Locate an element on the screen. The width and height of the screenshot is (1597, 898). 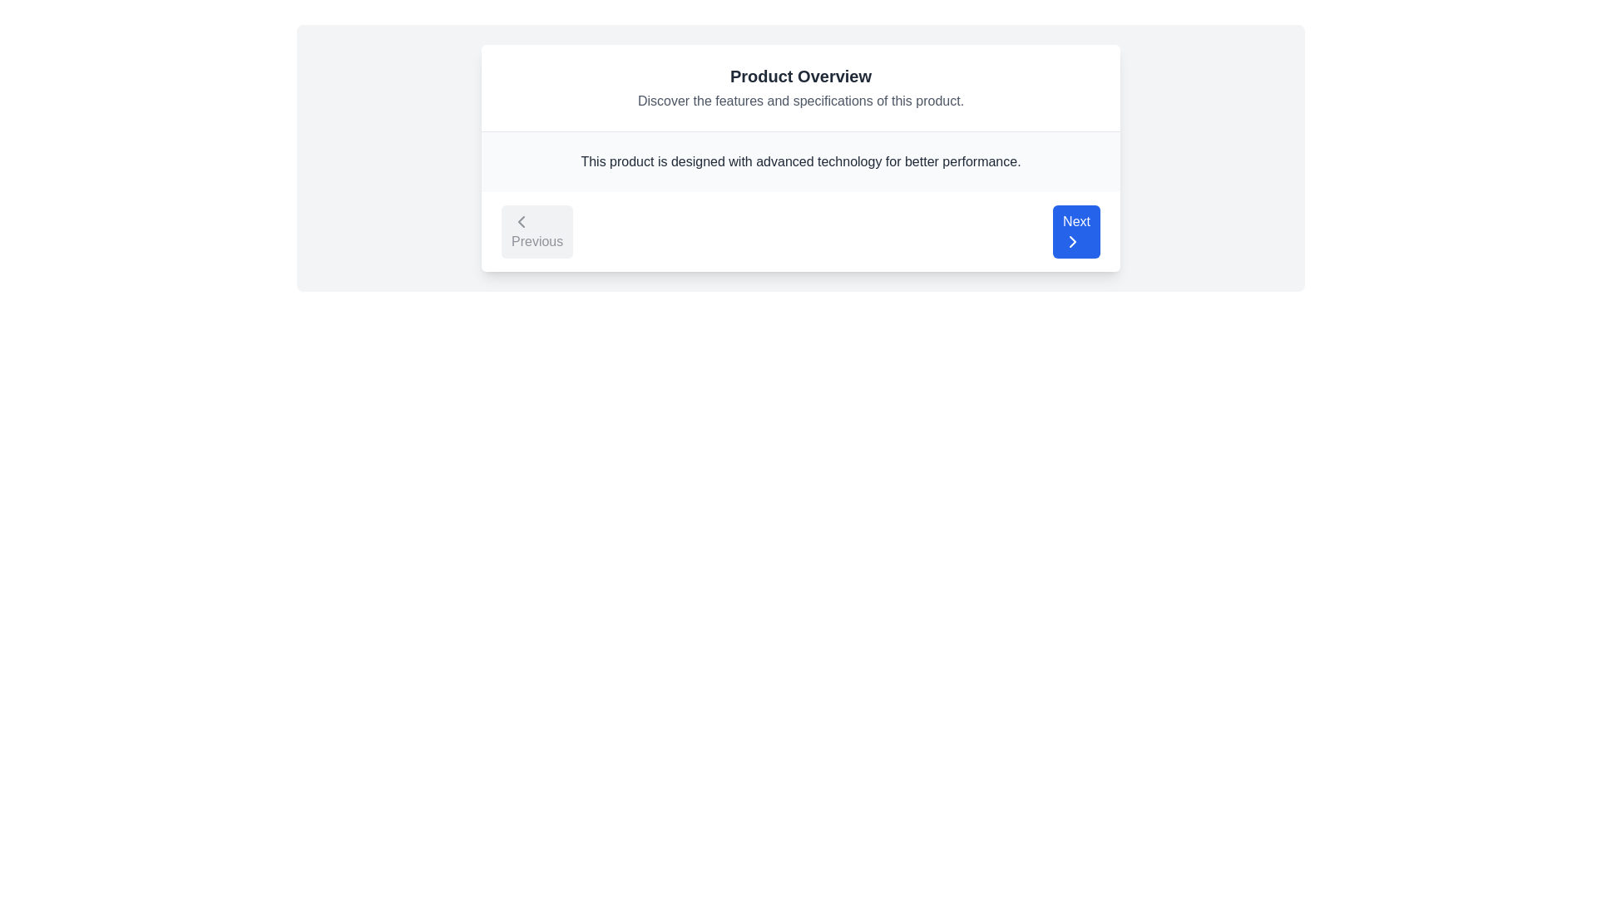
the blue 'Next' button with rounded corners and white text is located at coordinates (1076, 231).